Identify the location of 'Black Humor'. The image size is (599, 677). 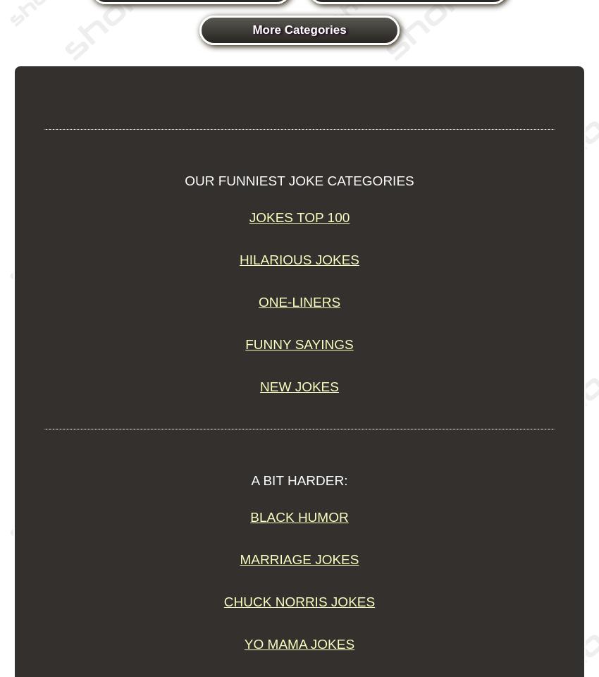
(299, 516).